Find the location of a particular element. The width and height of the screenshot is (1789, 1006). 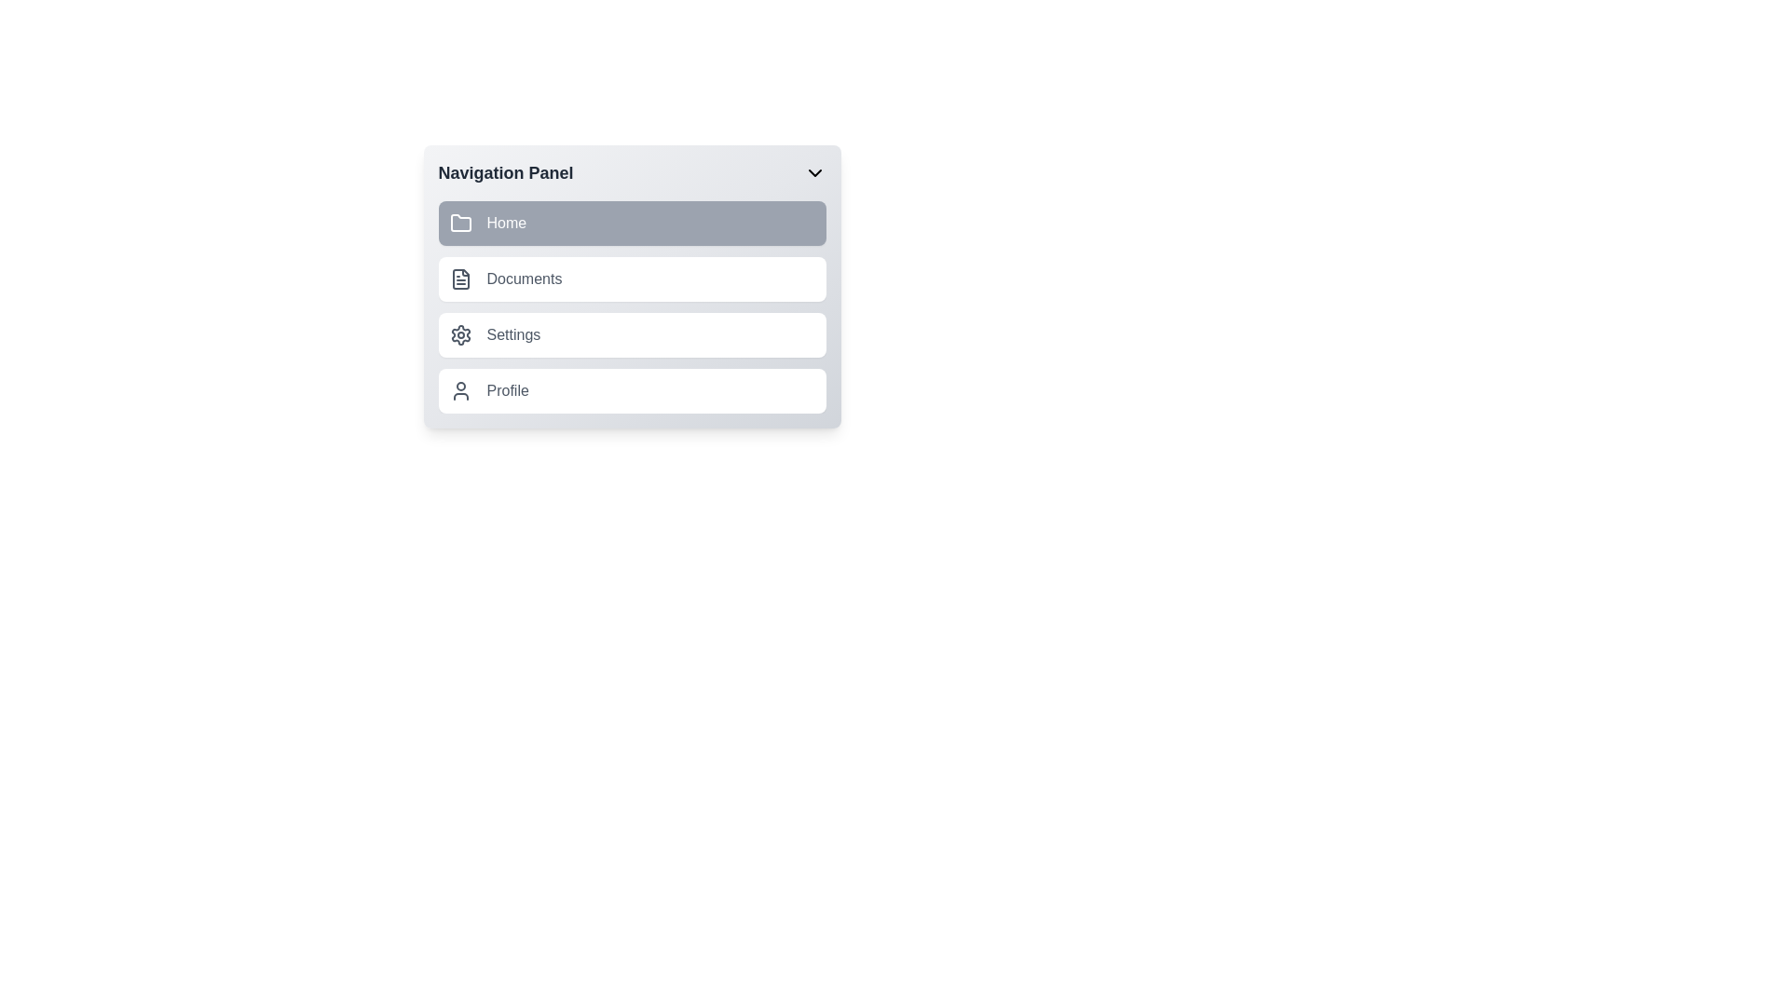

text label indicating the user's profile section located within the navigation menu panel, specifically to the right of the user icon and below the Settings menu item is located at coordinates (508, 390).